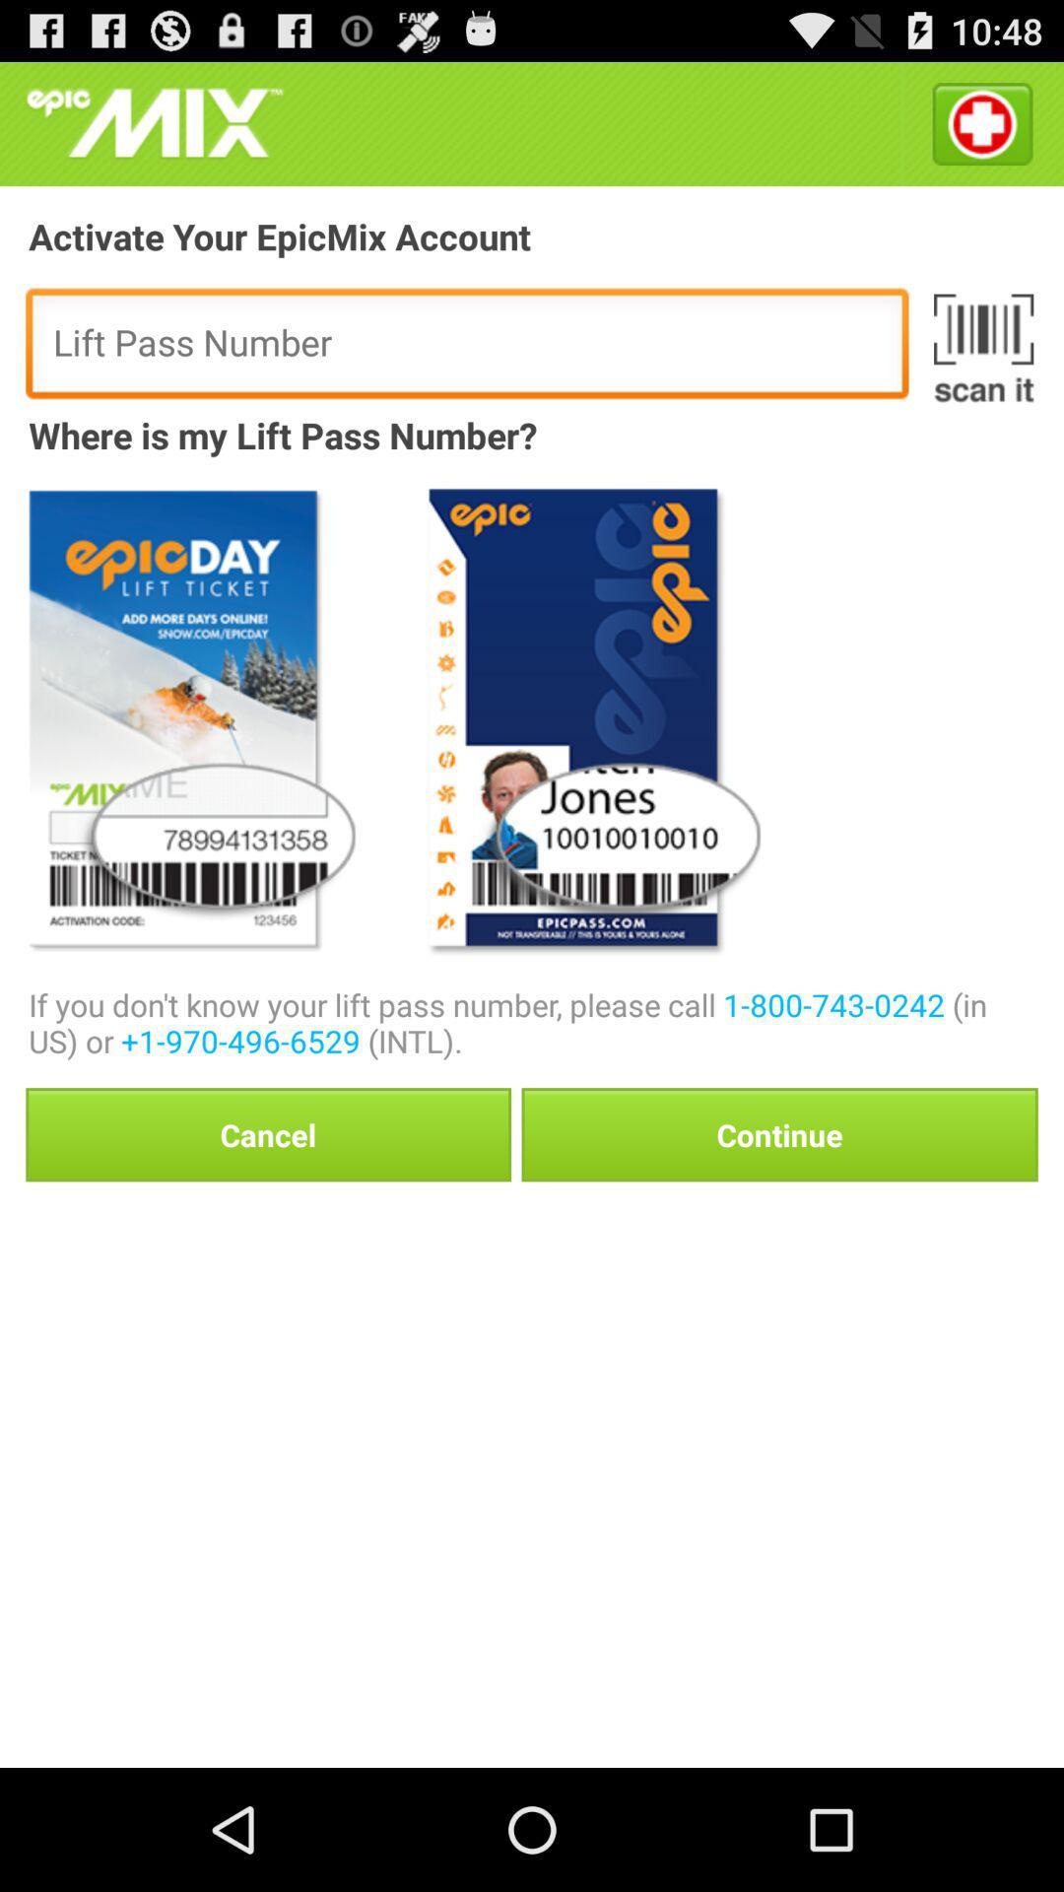 The height and width of the screenshot is (1892, 1064). I want to click on the item below activate your epicmix icon, so click(983, 348).